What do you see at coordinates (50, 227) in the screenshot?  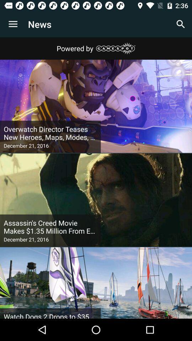 I see `the item above december 21, 2016 icon` at bounding box center [50, 227].